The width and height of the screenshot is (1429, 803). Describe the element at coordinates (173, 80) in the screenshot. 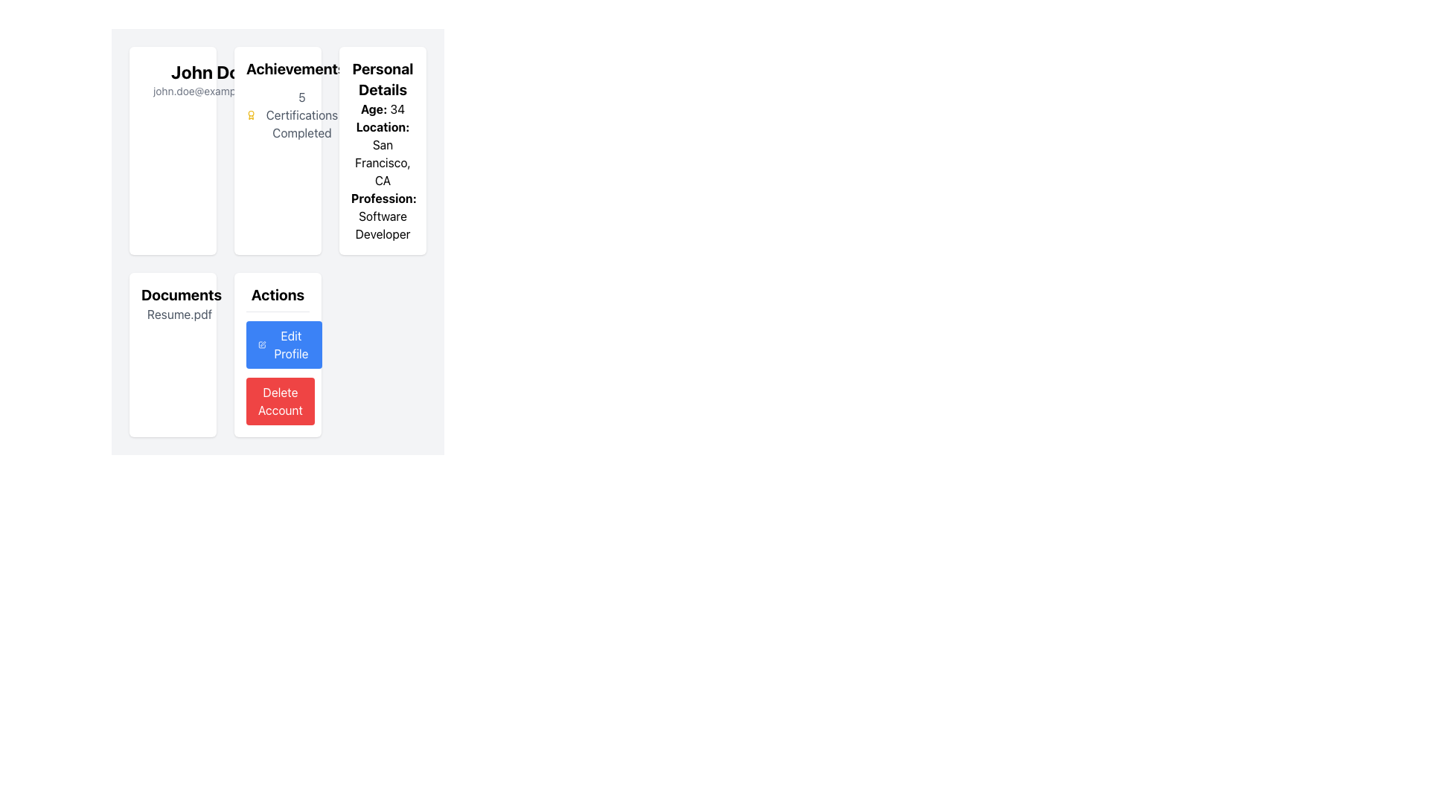

I see `displayed name 'John Doe' and email address 'john.doe@example.com' from the user's identity block located at the top section of the card layout` at that location.